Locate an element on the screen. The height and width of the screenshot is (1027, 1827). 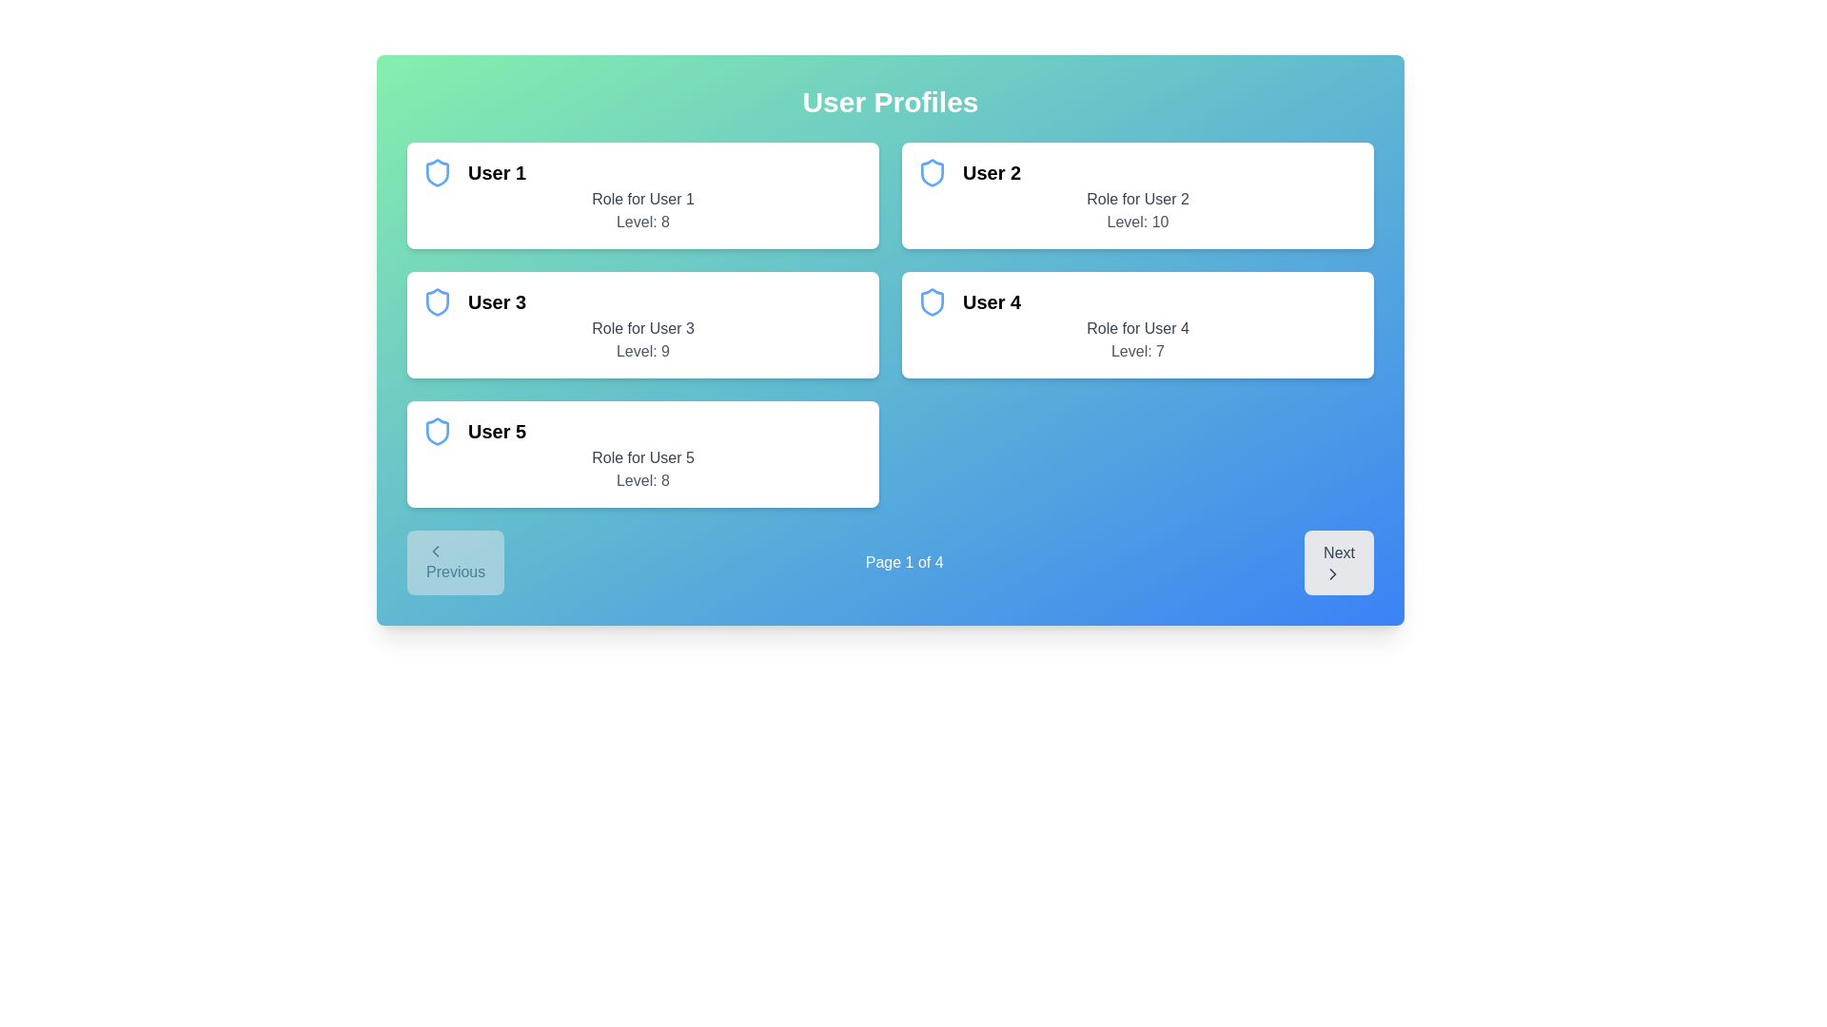
the bold text label displaying 'User 1', which is prominently positioned in the first card of the left column, next to a blue shield icon is located at coordinates (497, 172).